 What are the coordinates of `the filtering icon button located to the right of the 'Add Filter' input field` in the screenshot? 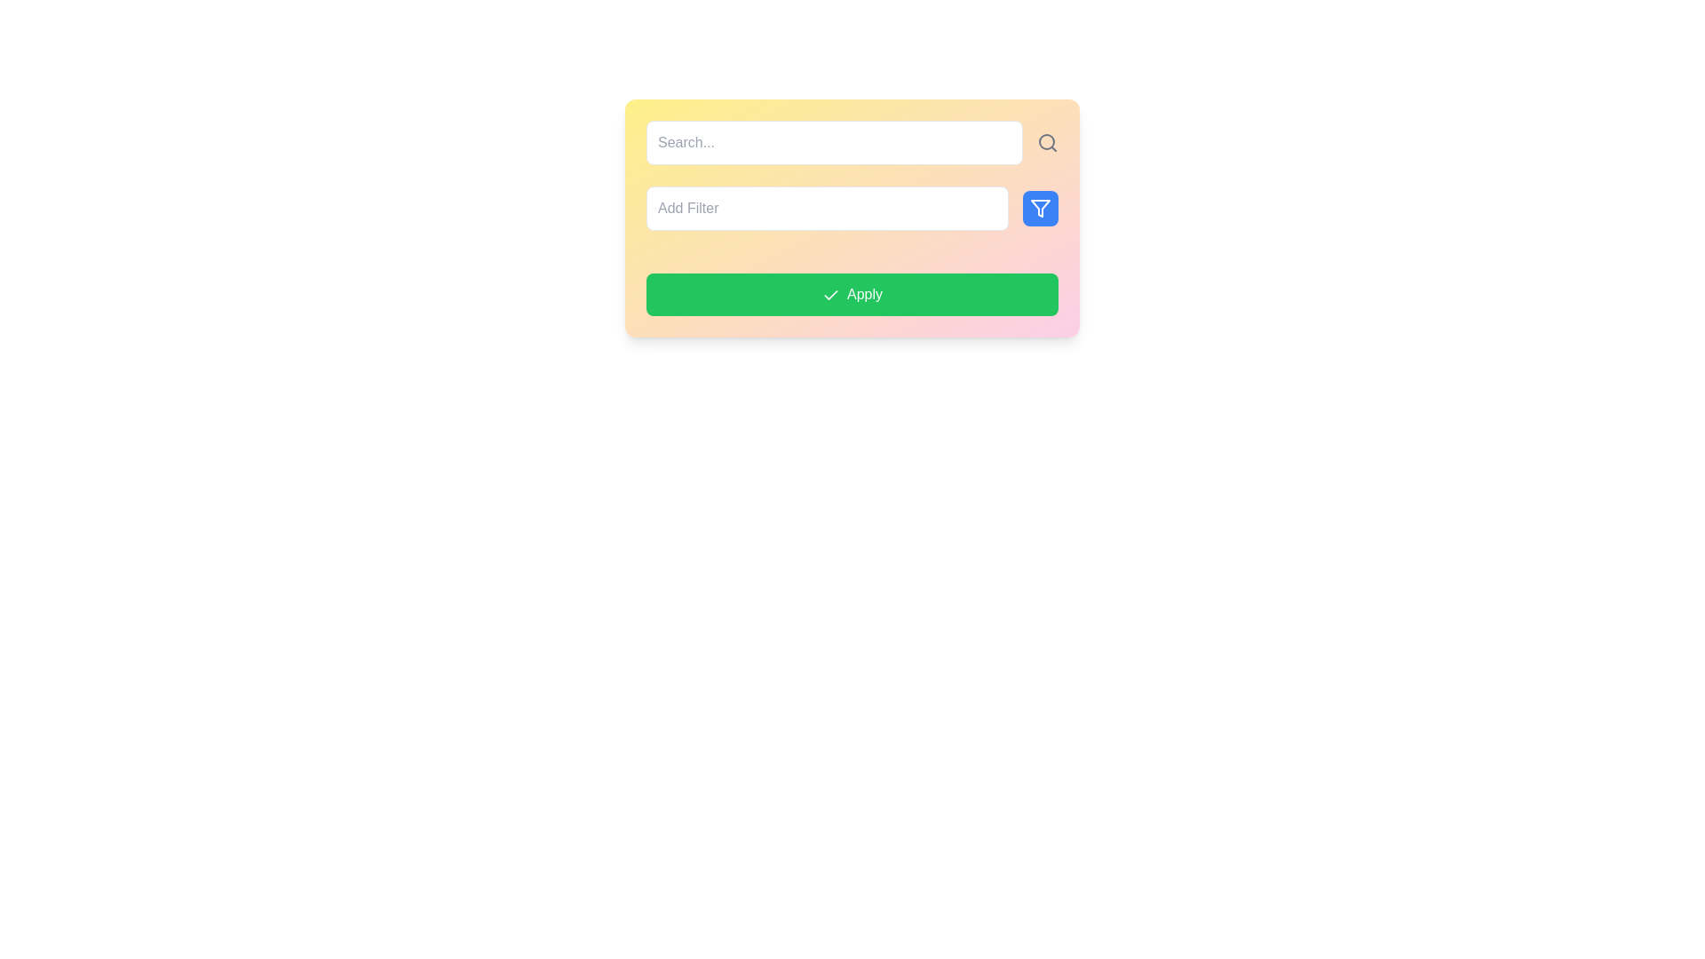 It's located at (1040, 208).